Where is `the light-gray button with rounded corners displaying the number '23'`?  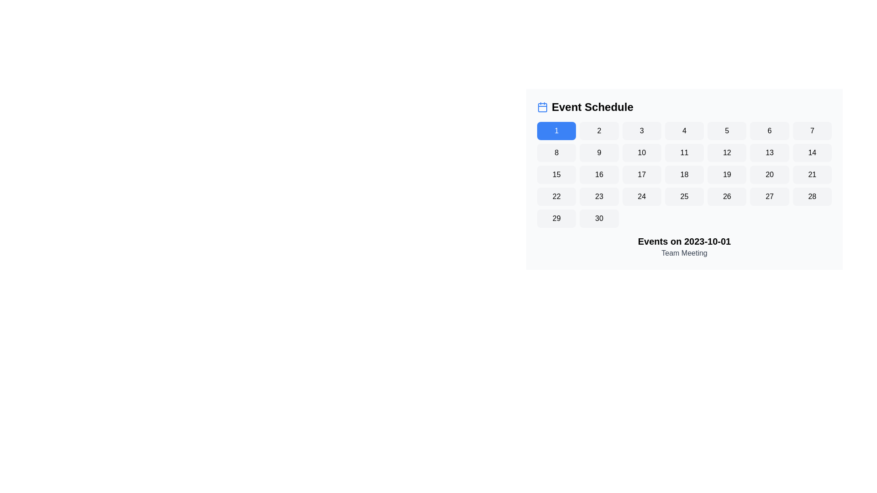
the light-gray button with rounded corners displaying the number '23' is located at coordinates (599, 196).